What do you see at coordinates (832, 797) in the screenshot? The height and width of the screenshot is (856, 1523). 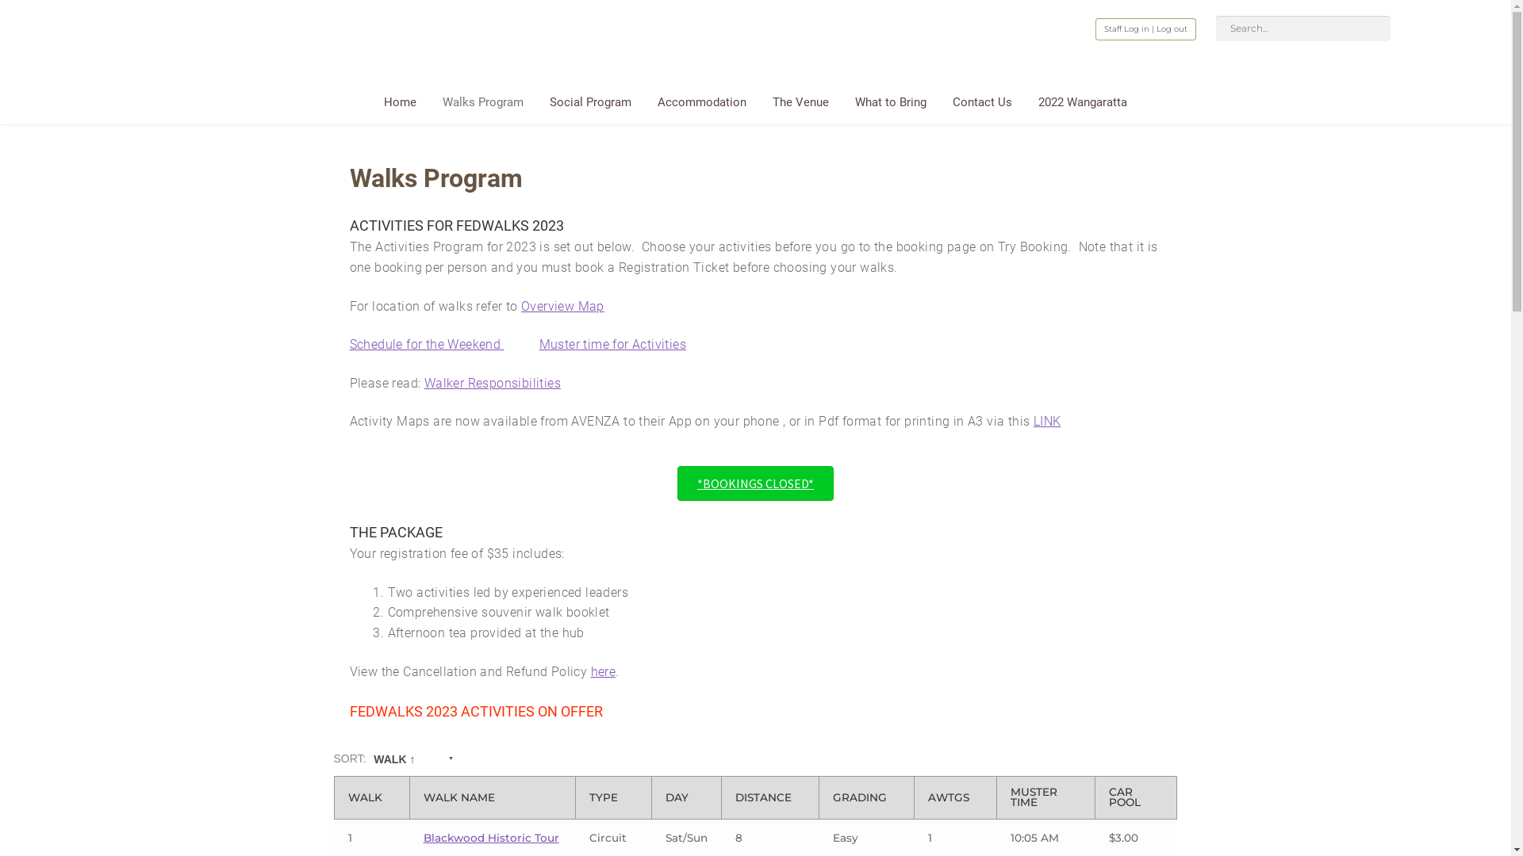 I see `'GRADING'` at bounding box center [832, 797].